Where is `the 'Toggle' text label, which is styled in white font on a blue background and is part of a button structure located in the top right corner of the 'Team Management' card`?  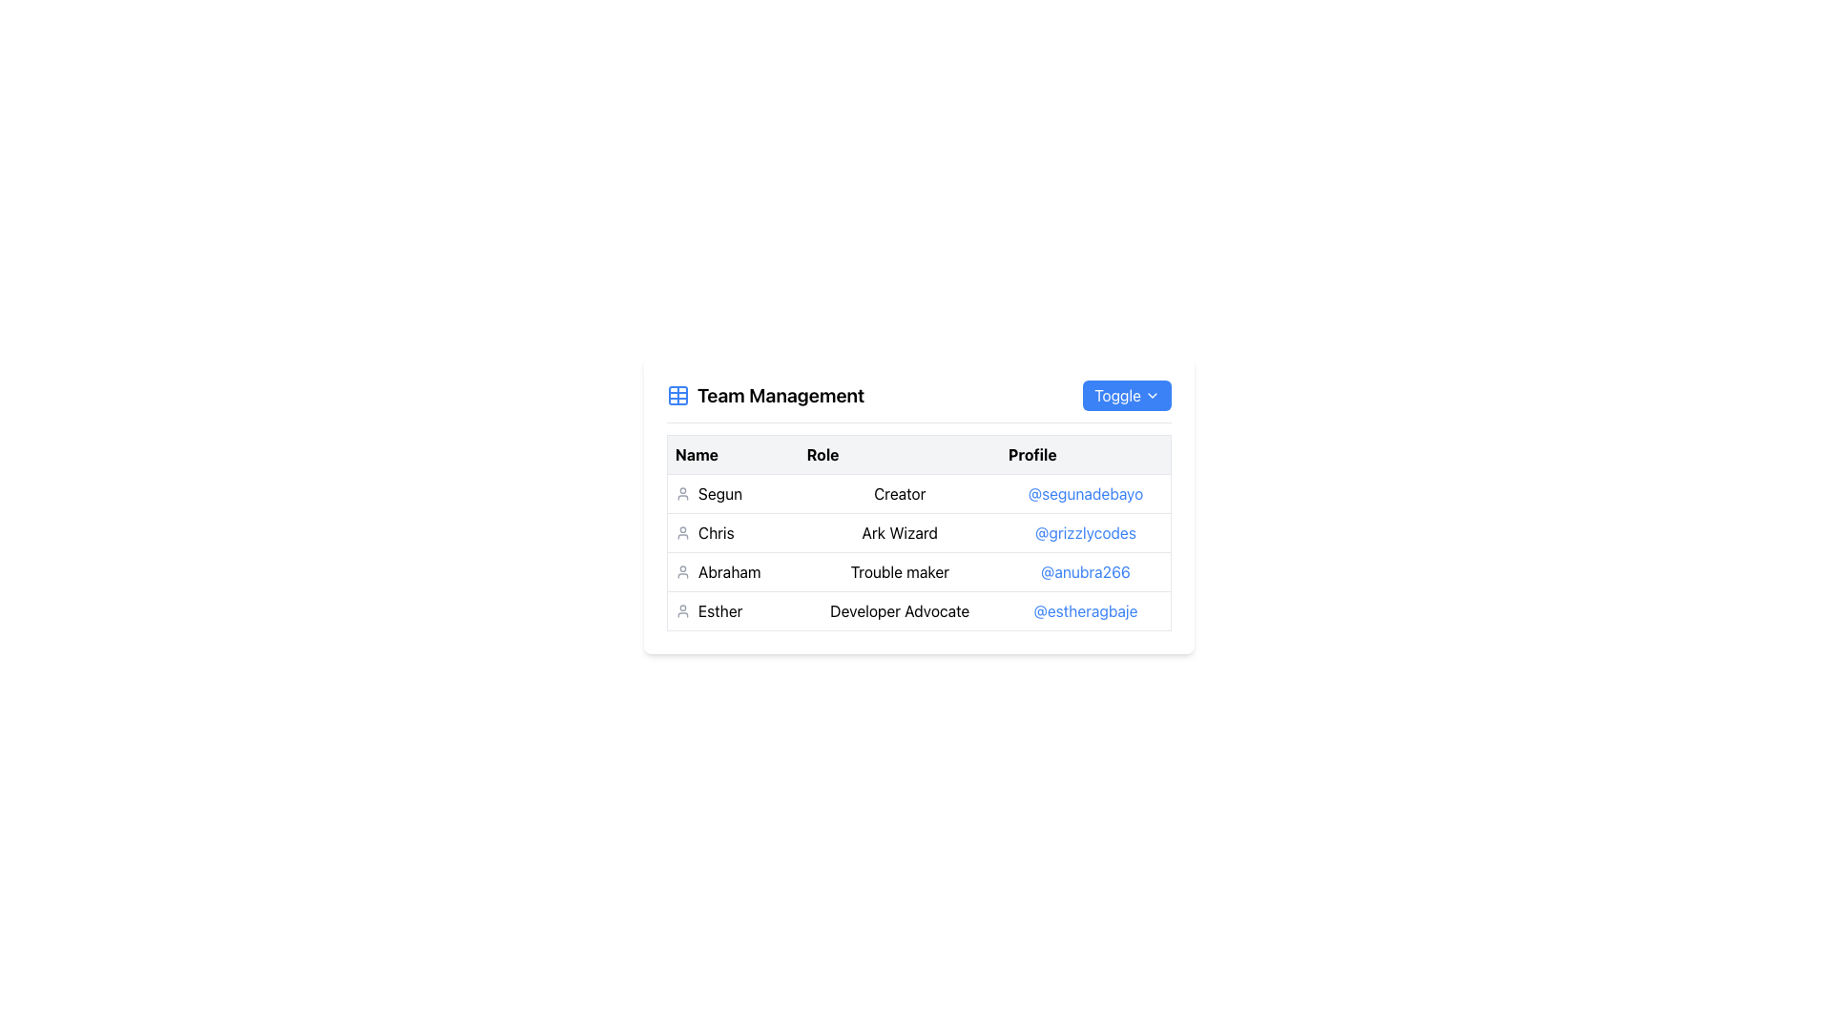 the 'Toggle' text label, which is styled in white font on a blue background and is part of a button structure located in the top right corner of the 'Team Management' card is located at coordinates (1117, 395).